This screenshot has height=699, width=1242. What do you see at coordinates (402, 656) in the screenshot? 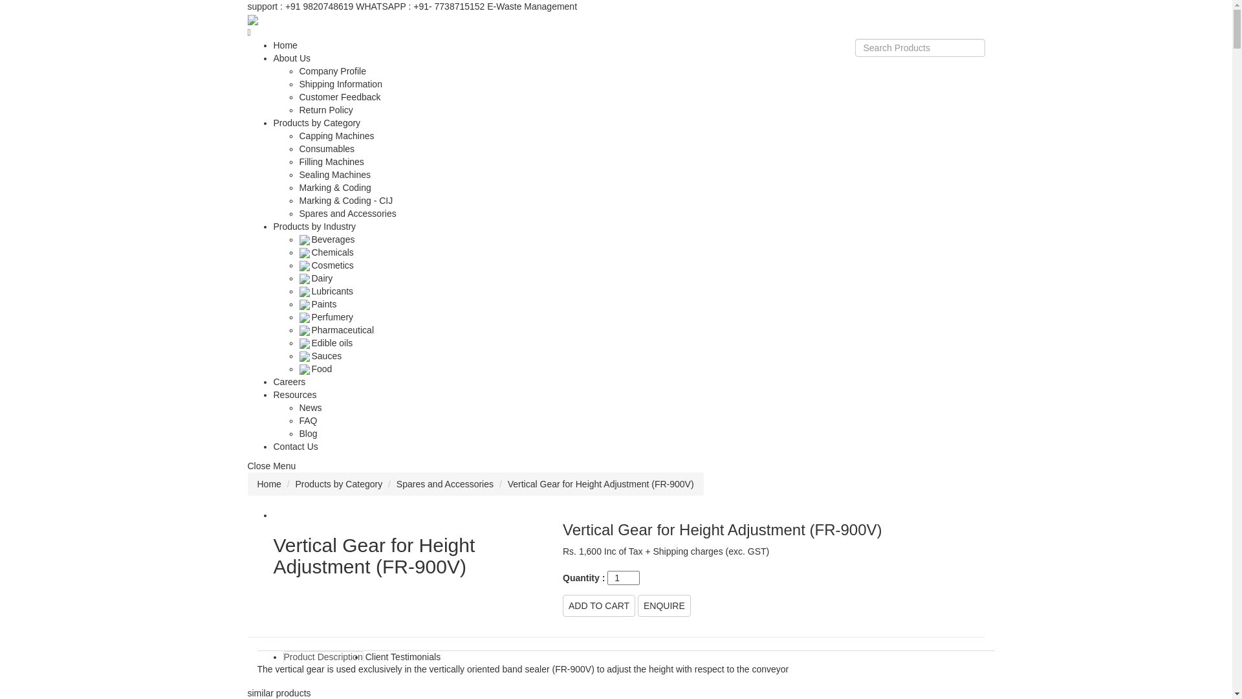
I see `'Client Testimonials'` at bounding box center [402, 656].